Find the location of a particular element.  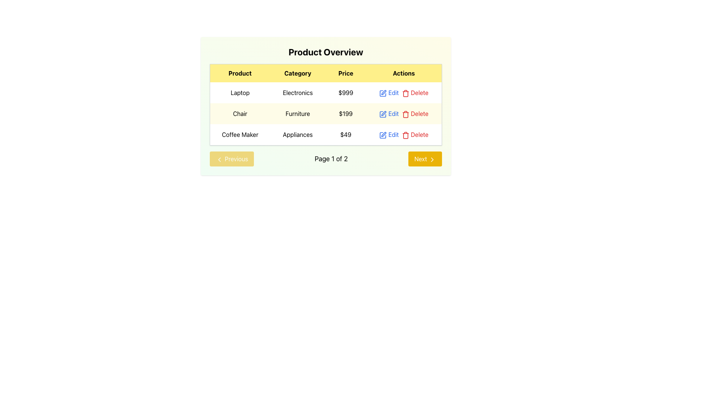

the disabled 'Previous' button with a yellow background and white text, located in the bottom navigation section of the panel is located at coordinates (231, 158).